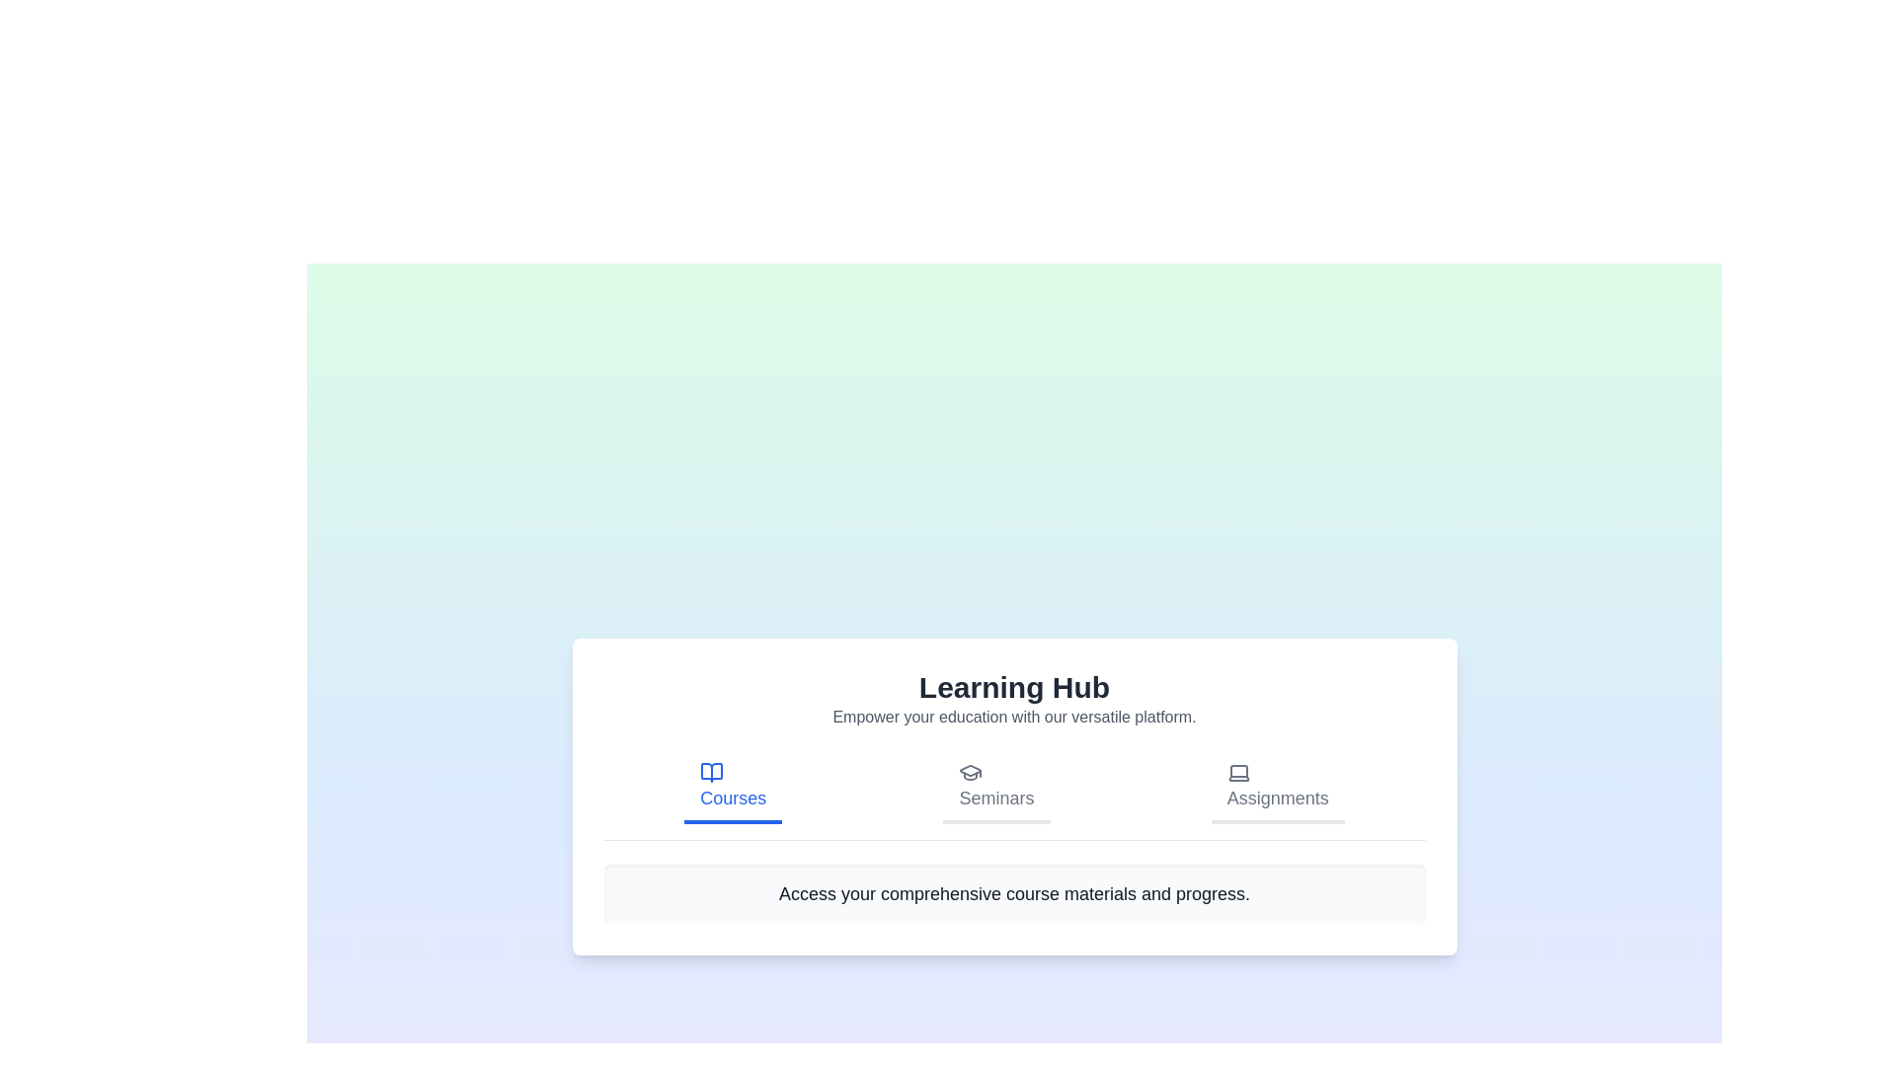 The height and width of the screenshot is (1066, 1896). I want to click on the 'Assignments' text label, which is styled in gray with medium font weight and located at the bottom section of the interface, to the right of 'Courses' and 'Seminars', so click(1278, 797).